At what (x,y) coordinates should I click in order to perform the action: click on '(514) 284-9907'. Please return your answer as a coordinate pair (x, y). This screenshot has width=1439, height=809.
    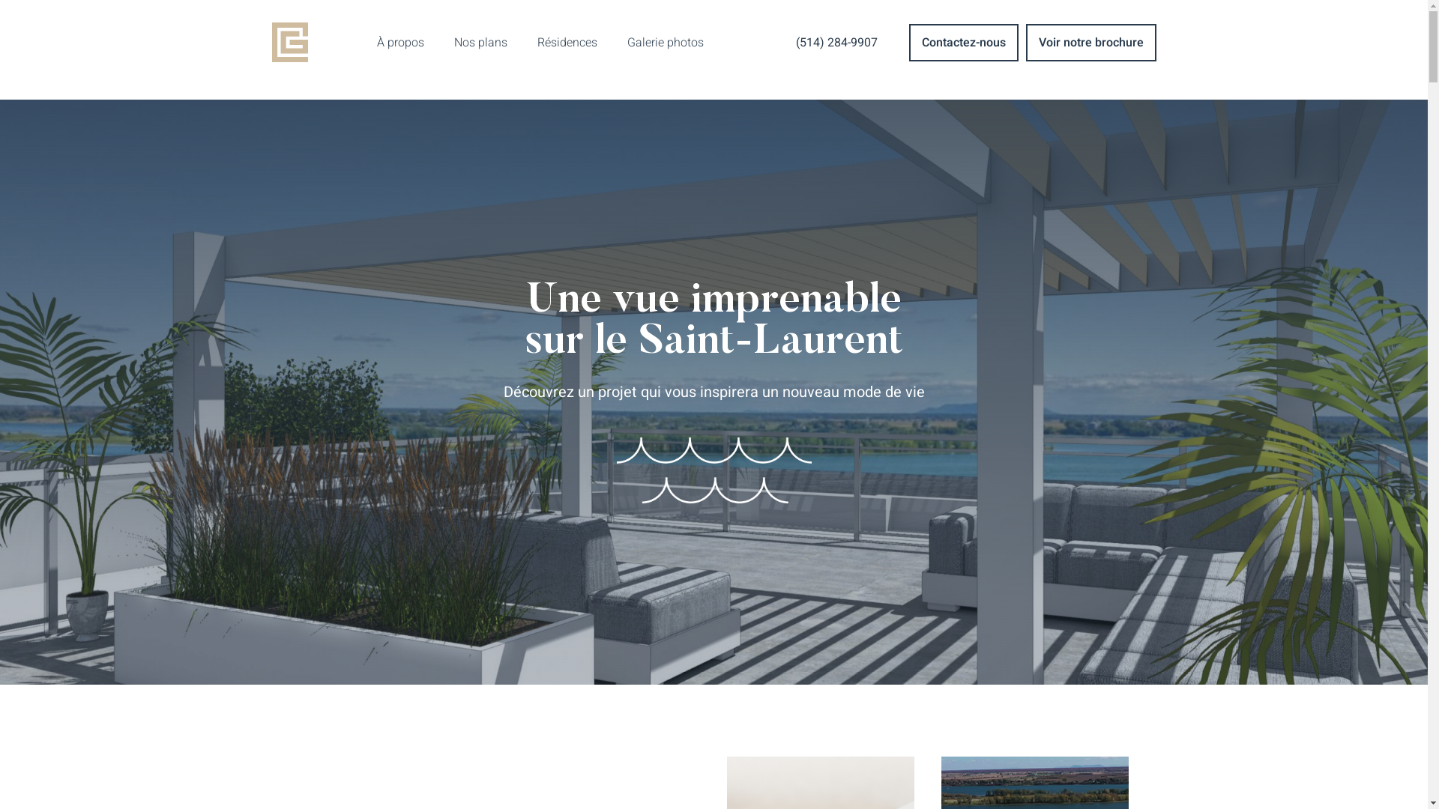
    Looking at the image, I should click on (794, 42).